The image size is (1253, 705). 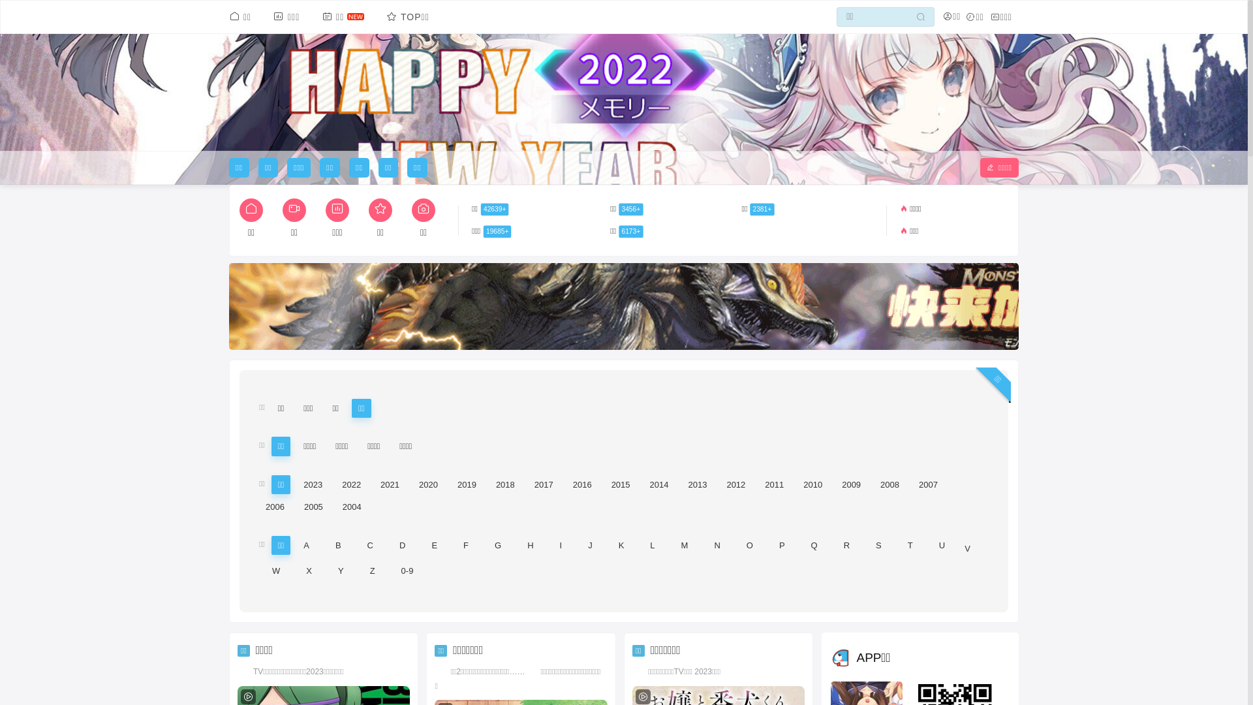 I want to click on '2005', so click(x=313, y=506).